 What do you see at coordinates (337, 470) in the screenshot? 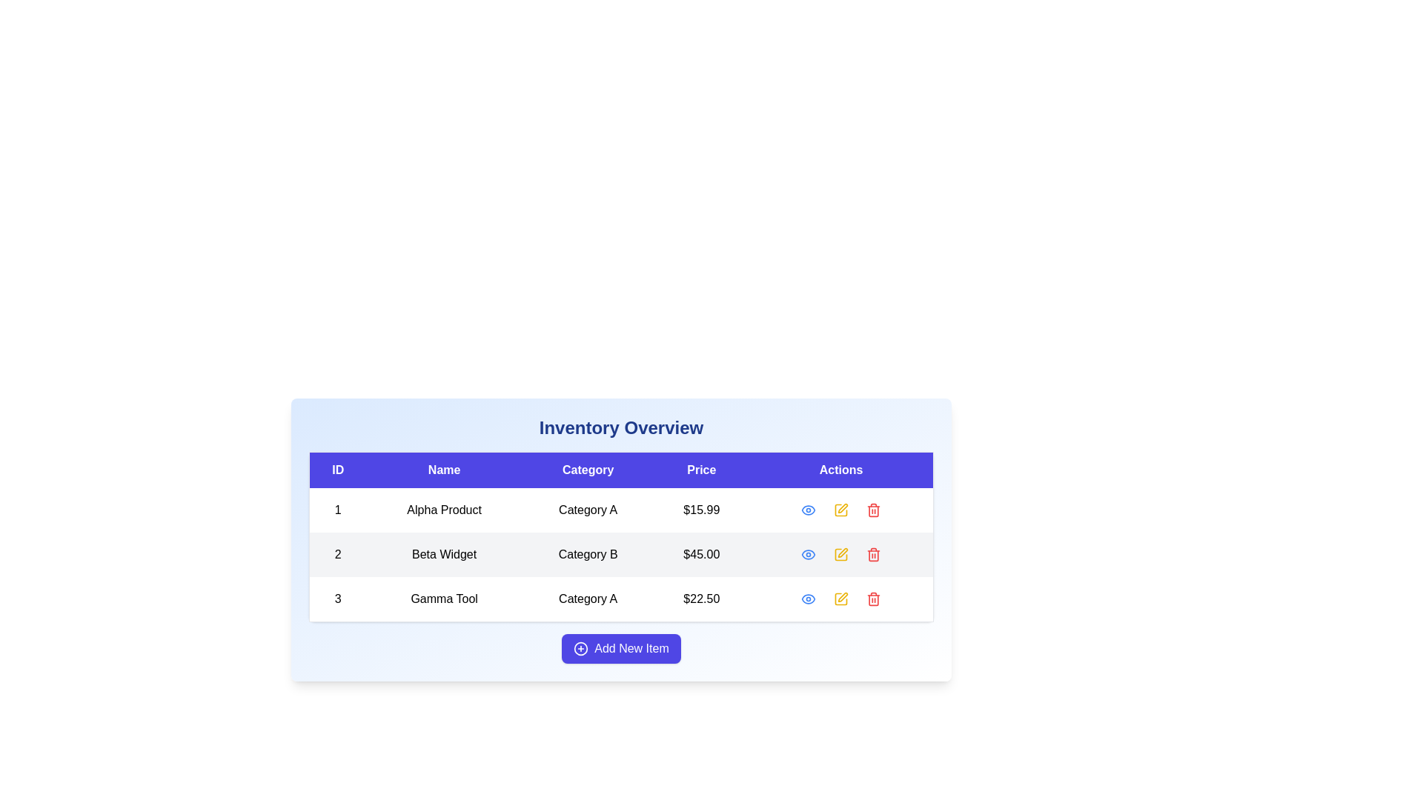
I see `the 'ID' table header which is located at the leftmost position of the header group in the table layout` at bounding box center [337, 470].